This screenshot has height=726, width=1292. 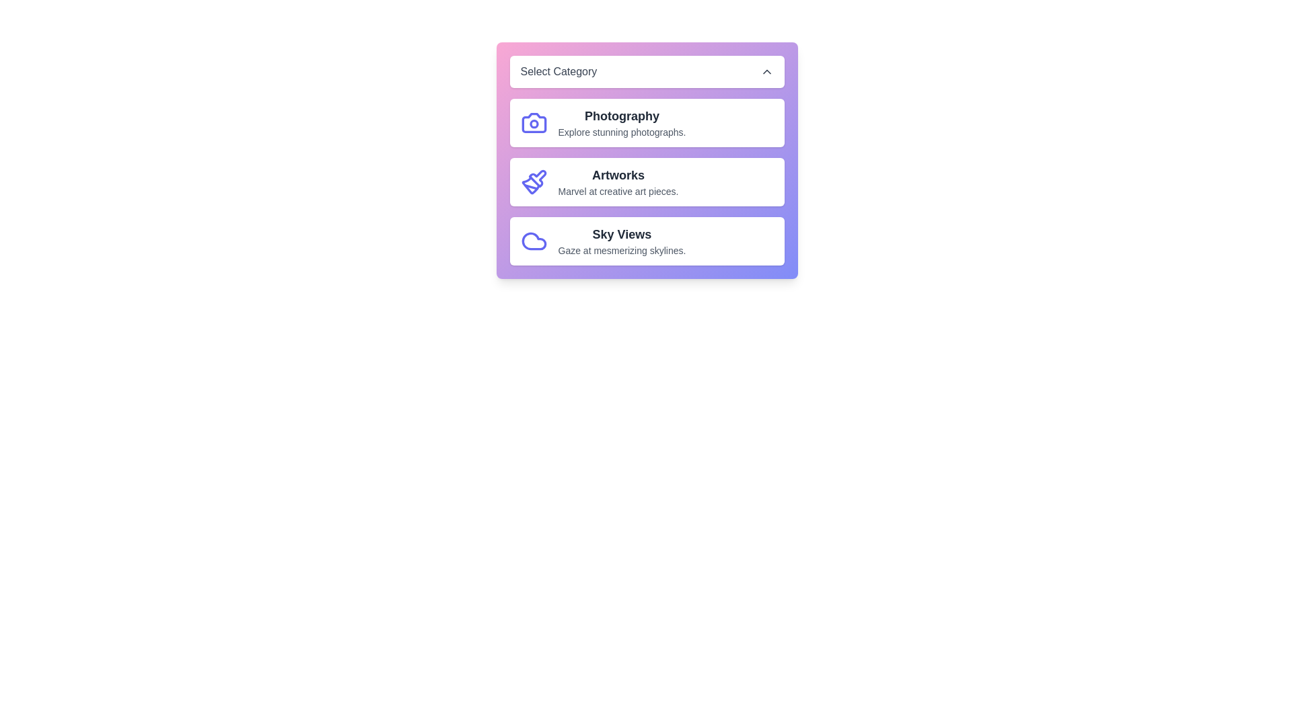 I want to click on the category Photography from the list, so click(x=647, y=122).